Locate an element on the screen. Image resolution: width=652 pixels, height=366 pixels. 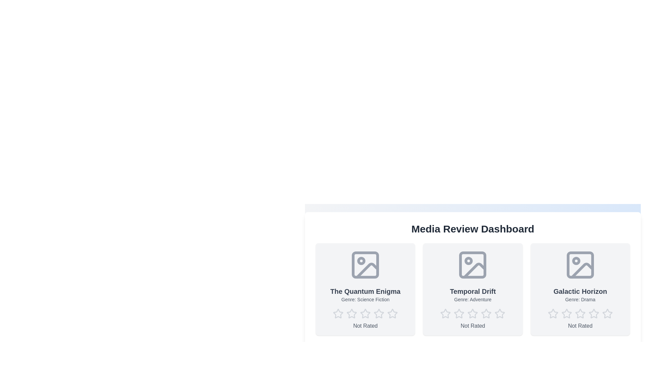
the star corresponding to the desired rating 4 for the media item Galactic Horizon is located at coordinates (593, 313).